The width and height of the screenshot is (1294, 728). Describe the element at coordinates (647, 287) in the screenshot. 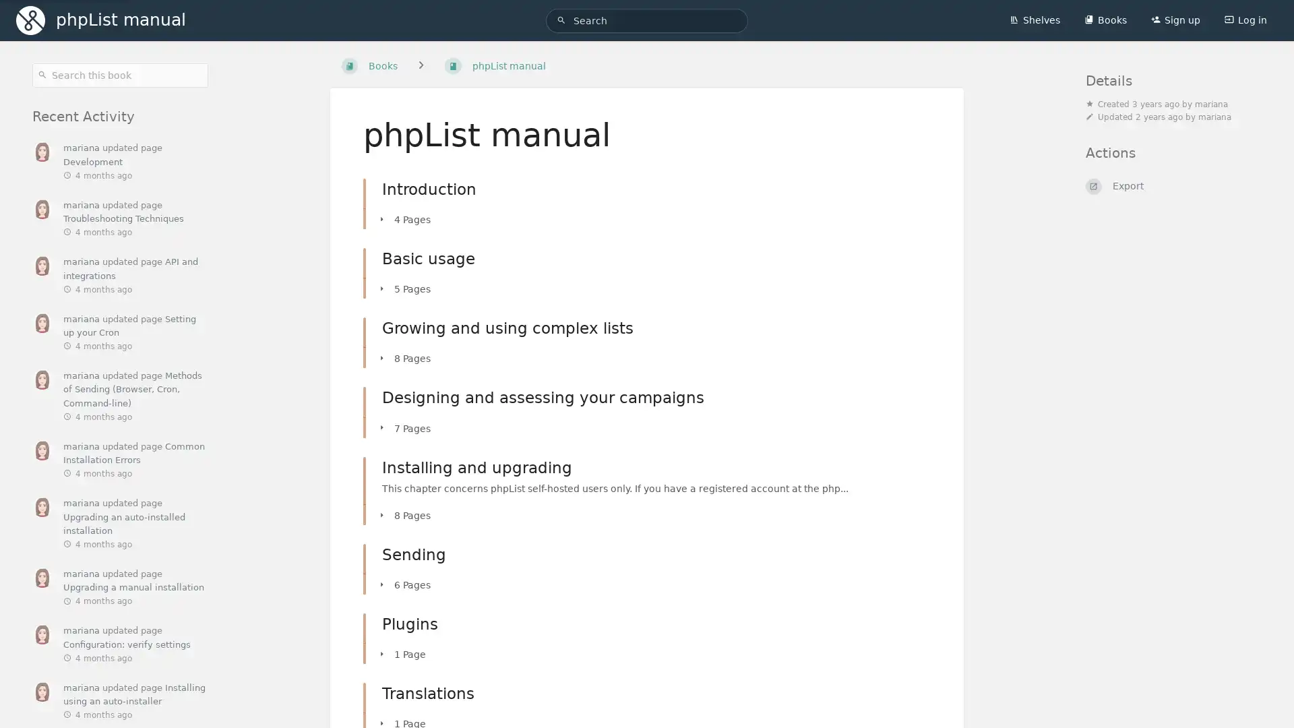

I see `5 Pages` at that location.